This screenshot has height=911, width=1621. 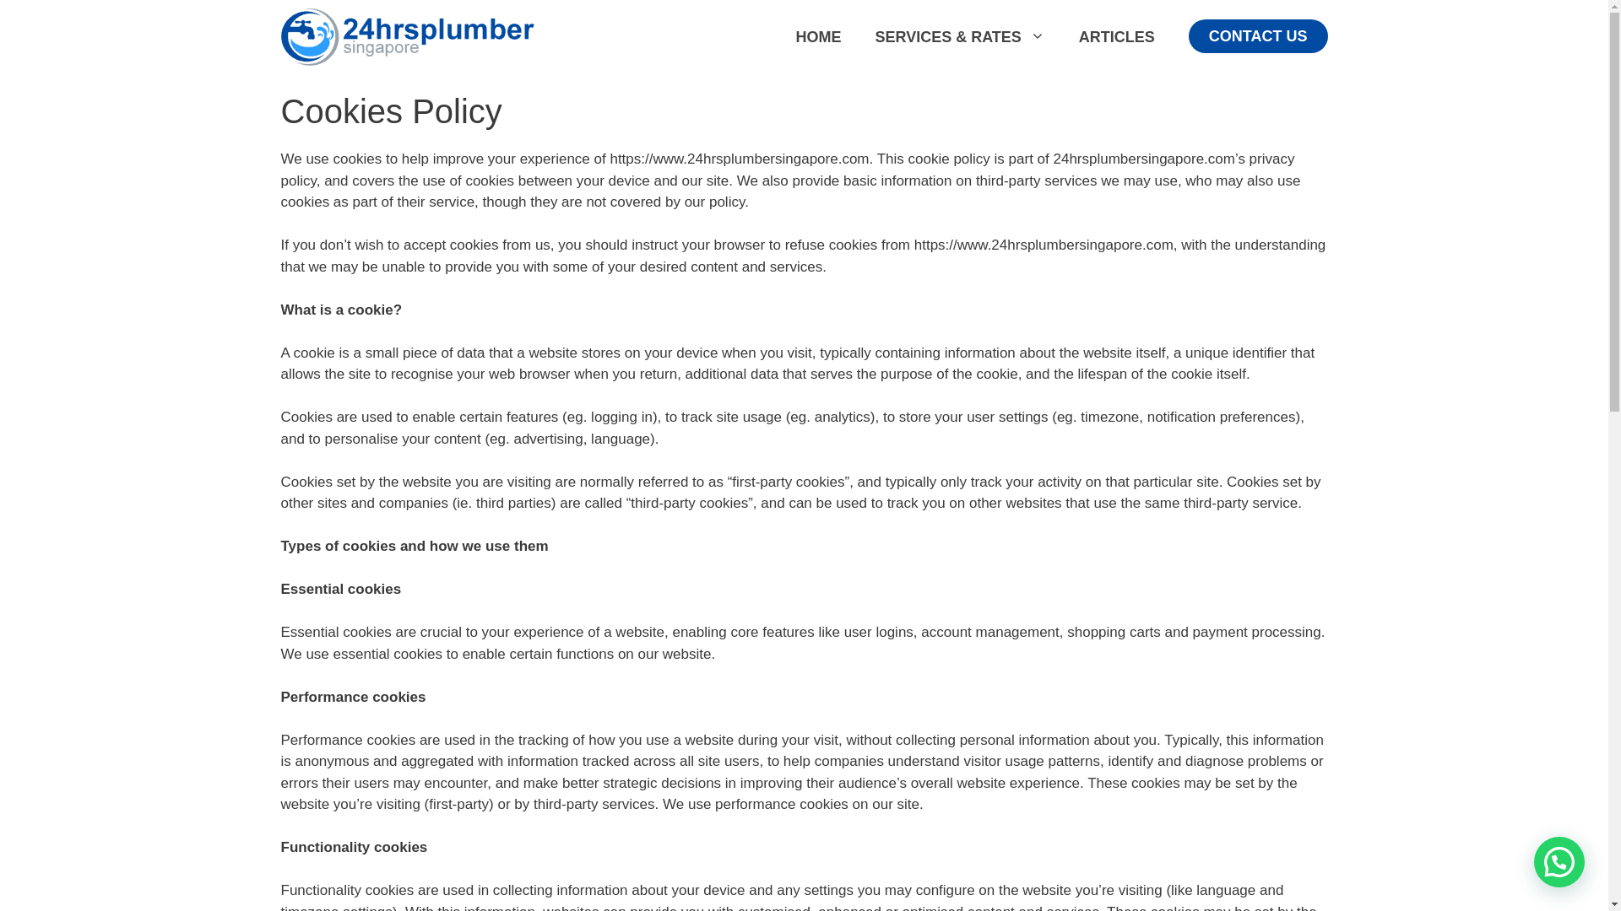 What do you see at coordinates (1060, 36) in the screenshot?
I see `'ARTICLES'` at bounding box center [1060, 36].